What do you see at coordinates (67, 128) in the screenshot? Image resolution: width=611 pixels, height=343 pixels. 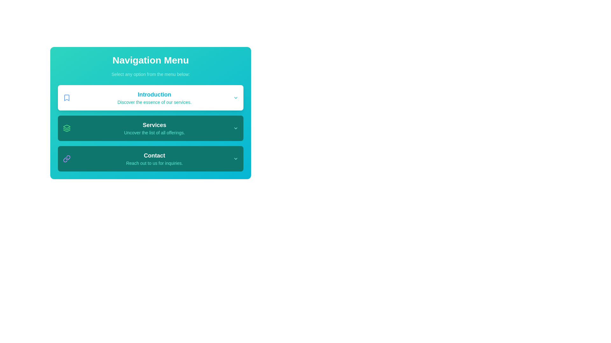 I see `the 'Services' icon located within the navigation menu, which visually represents the 'Services' section` at bounding box center [67, 128].